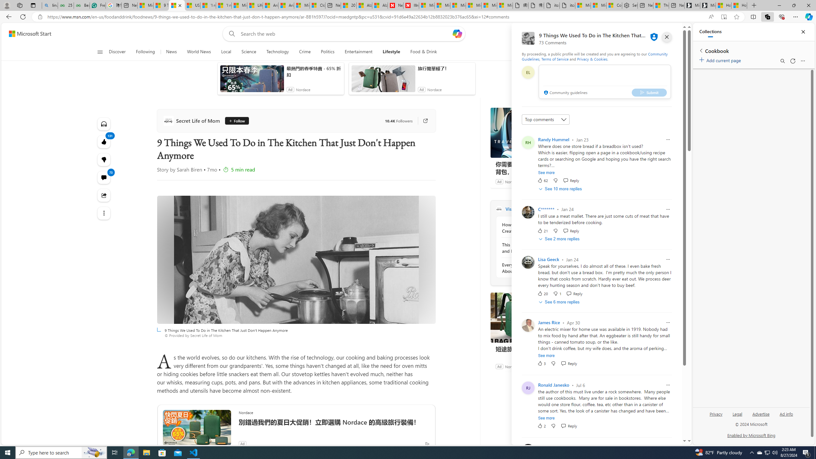  What do you see at coordinates (104, 213) in the screenshot?
I see `'Class: at-item'` at bounding box center [104, 213].